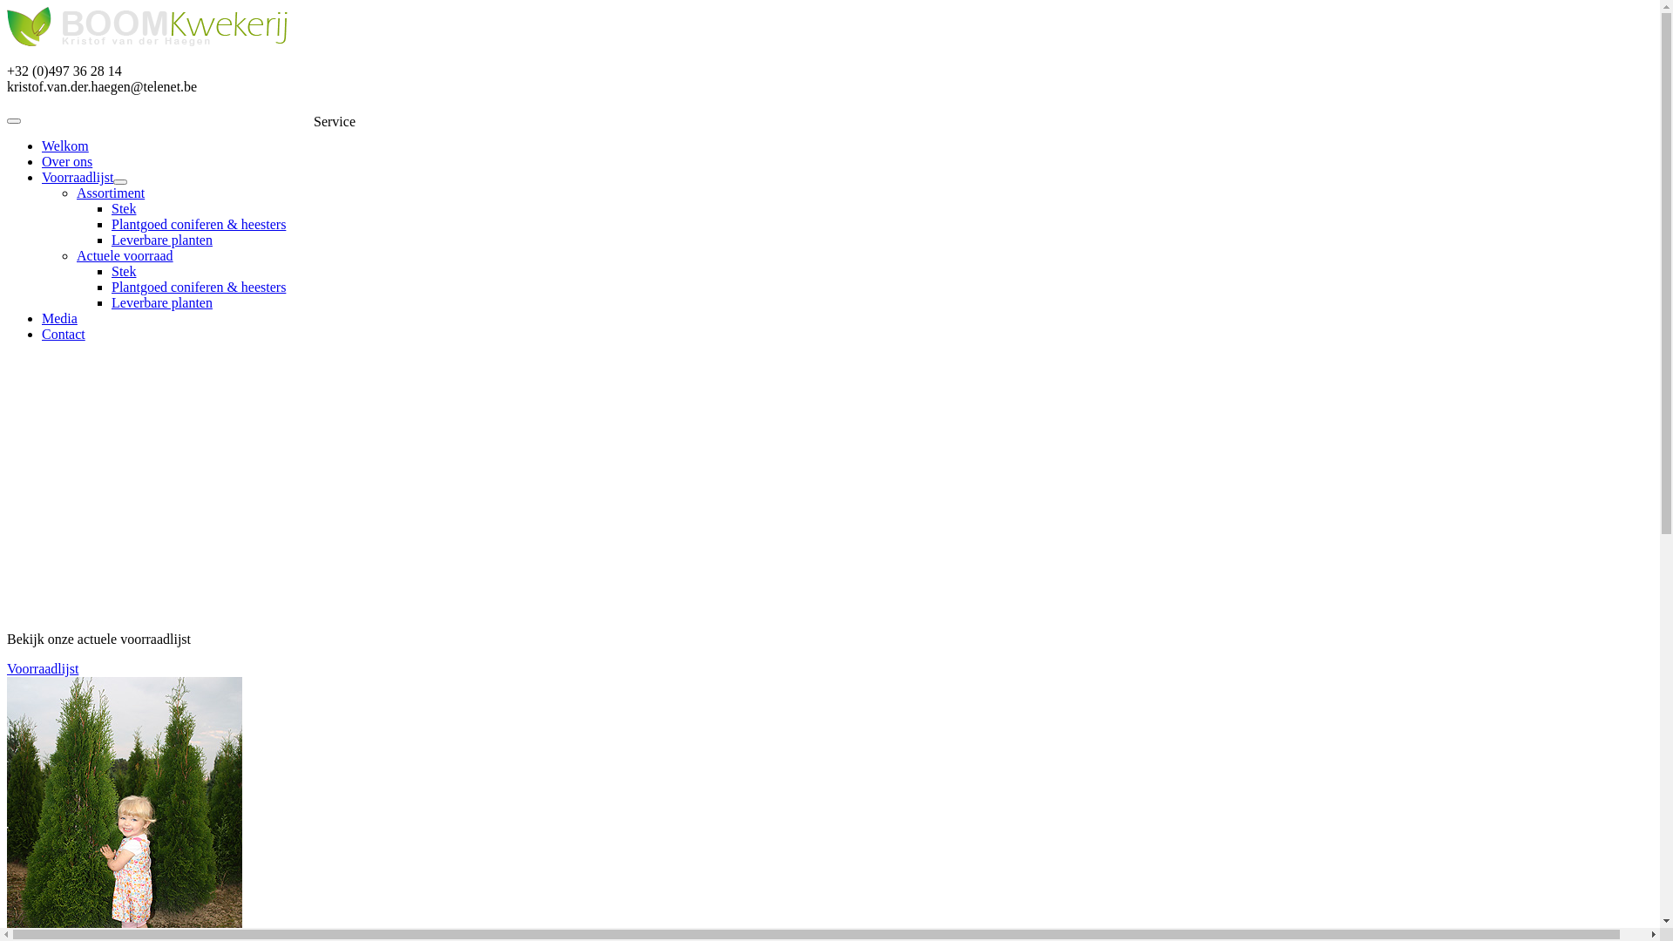  What do you see at coordinates (162, 240) in the screenshot?
I see `'Leverbare planten'` at bounding box center [162, 240].